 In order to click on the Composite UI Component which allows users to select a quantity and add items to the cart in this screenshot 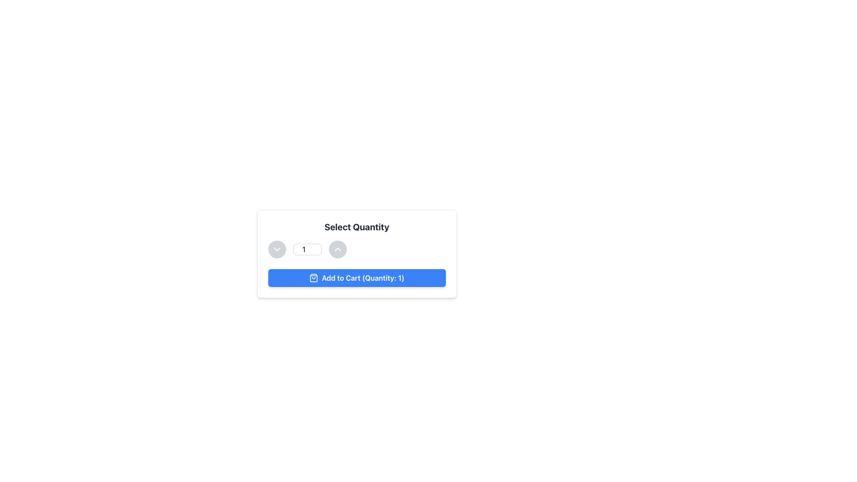, I will do `click(356, 254)`.